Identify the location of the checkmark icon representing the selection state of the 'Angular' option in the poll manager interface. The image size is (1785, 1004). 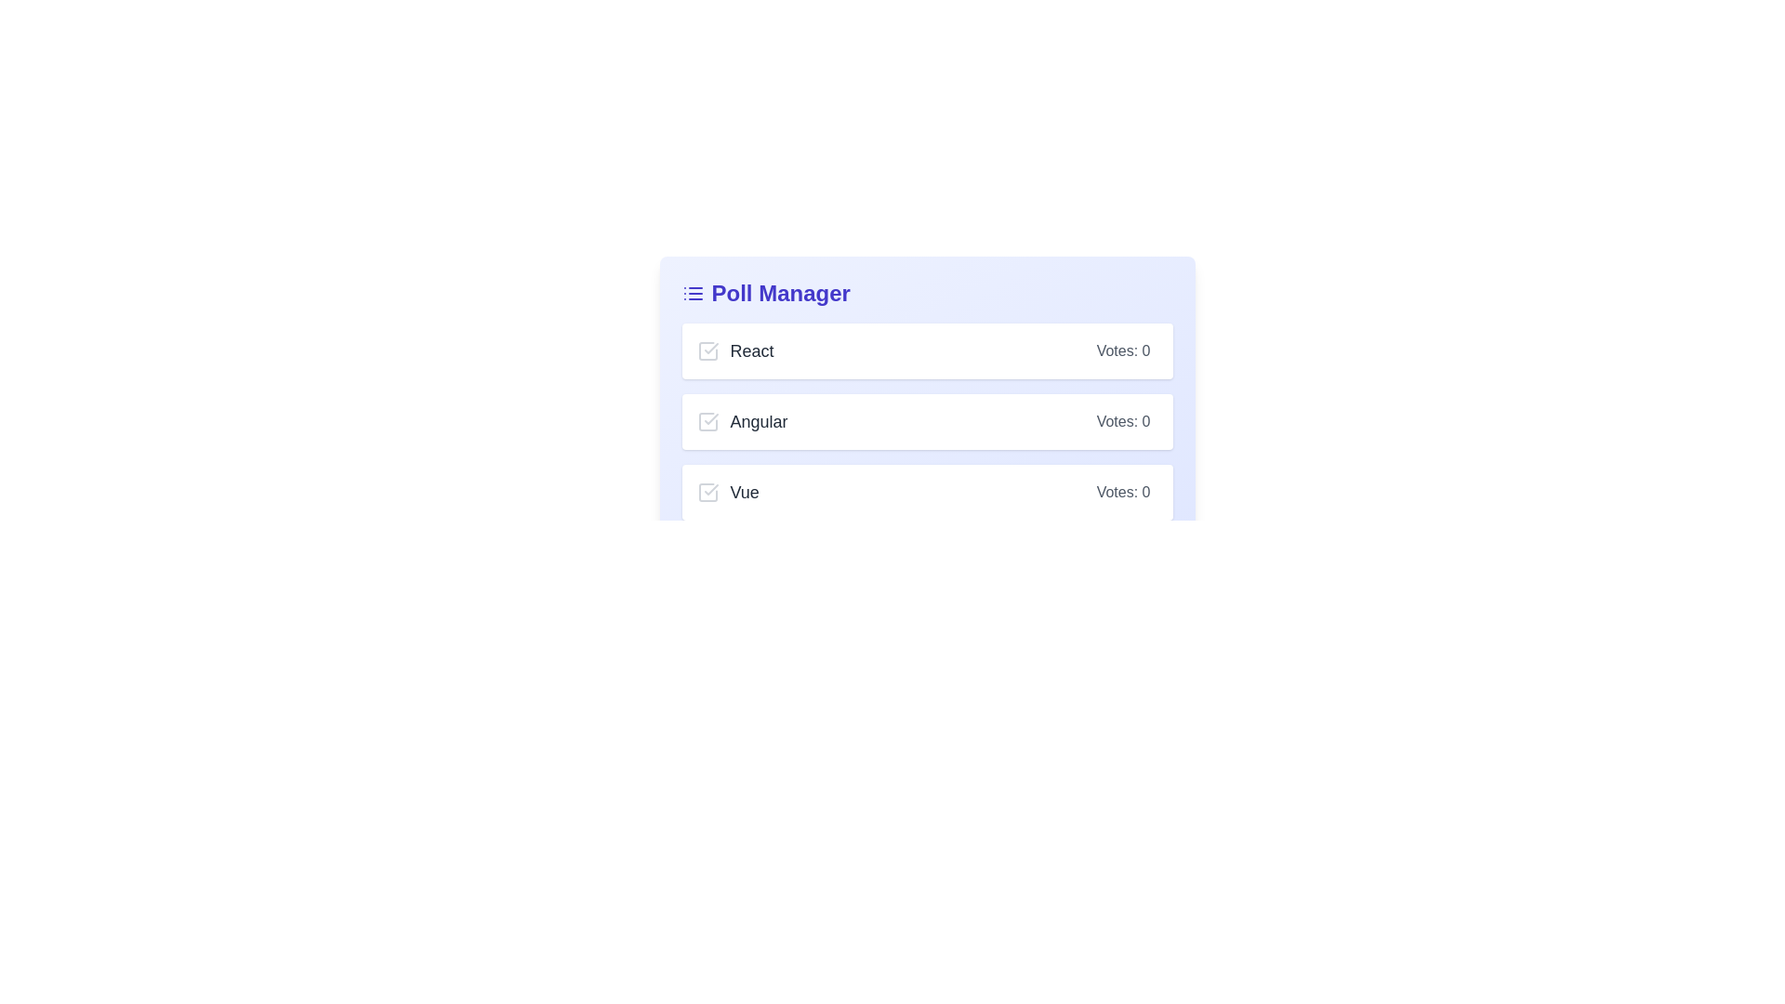
(709, 419).